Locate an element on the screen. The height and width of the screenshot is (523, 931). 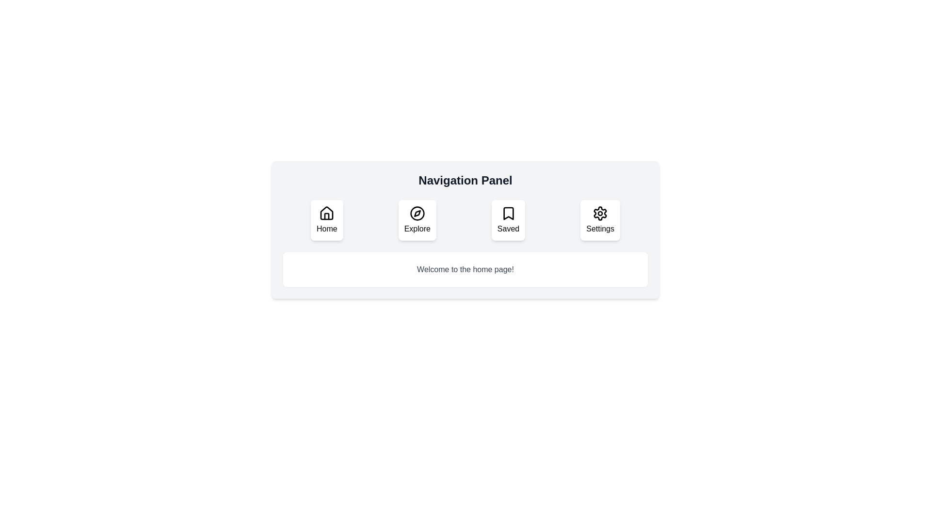
text label that indicates the functionality of the associated button leading to the 'Saved' section, located below the icon in the third card of a horizontally aligned set of four cards in the navigation panel is located at coordinates (508, 229).